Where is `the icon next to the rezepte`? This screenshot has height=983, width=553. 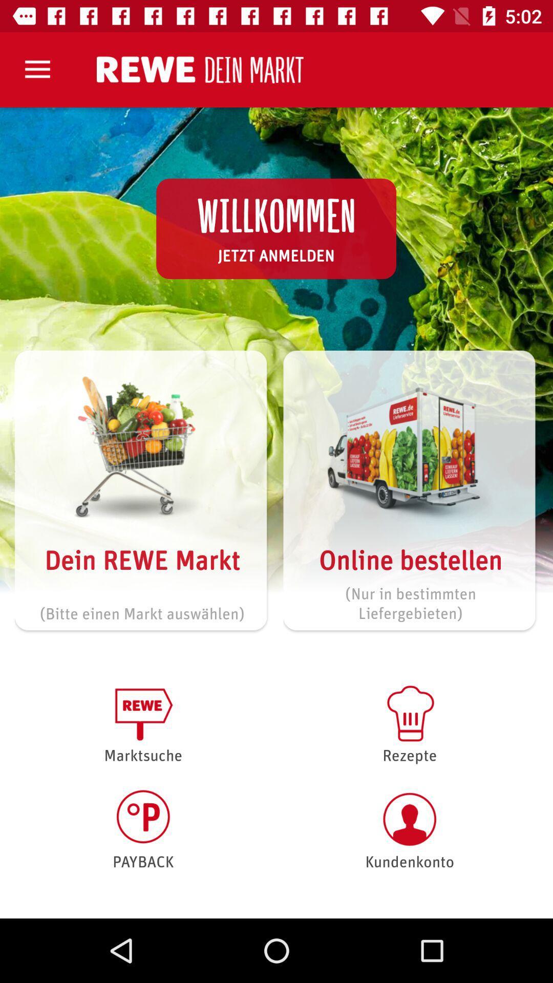
the icon next to the rezepte is located at coordinates (143, 829).